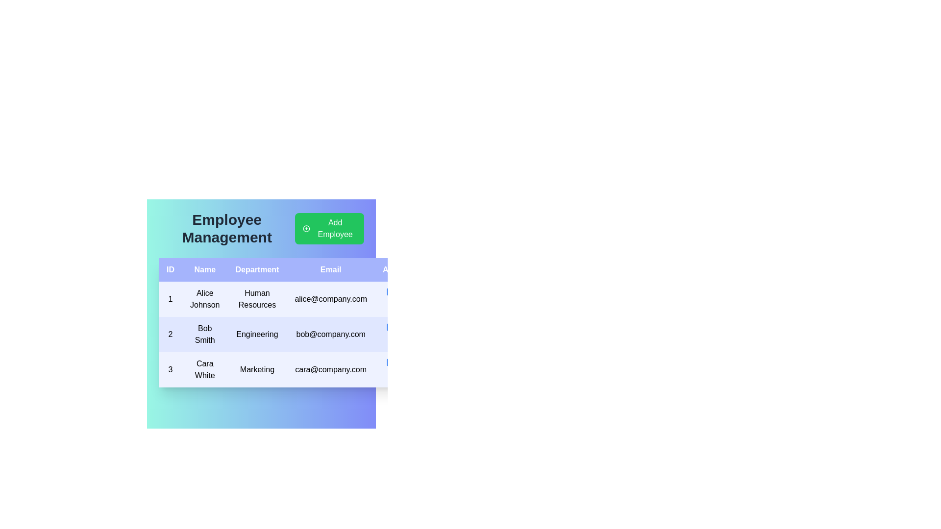  Describe the element at coordinates (288, 370) in the screenshot. I see `the third row of the employee management table, which displays information about an employee` at that location.